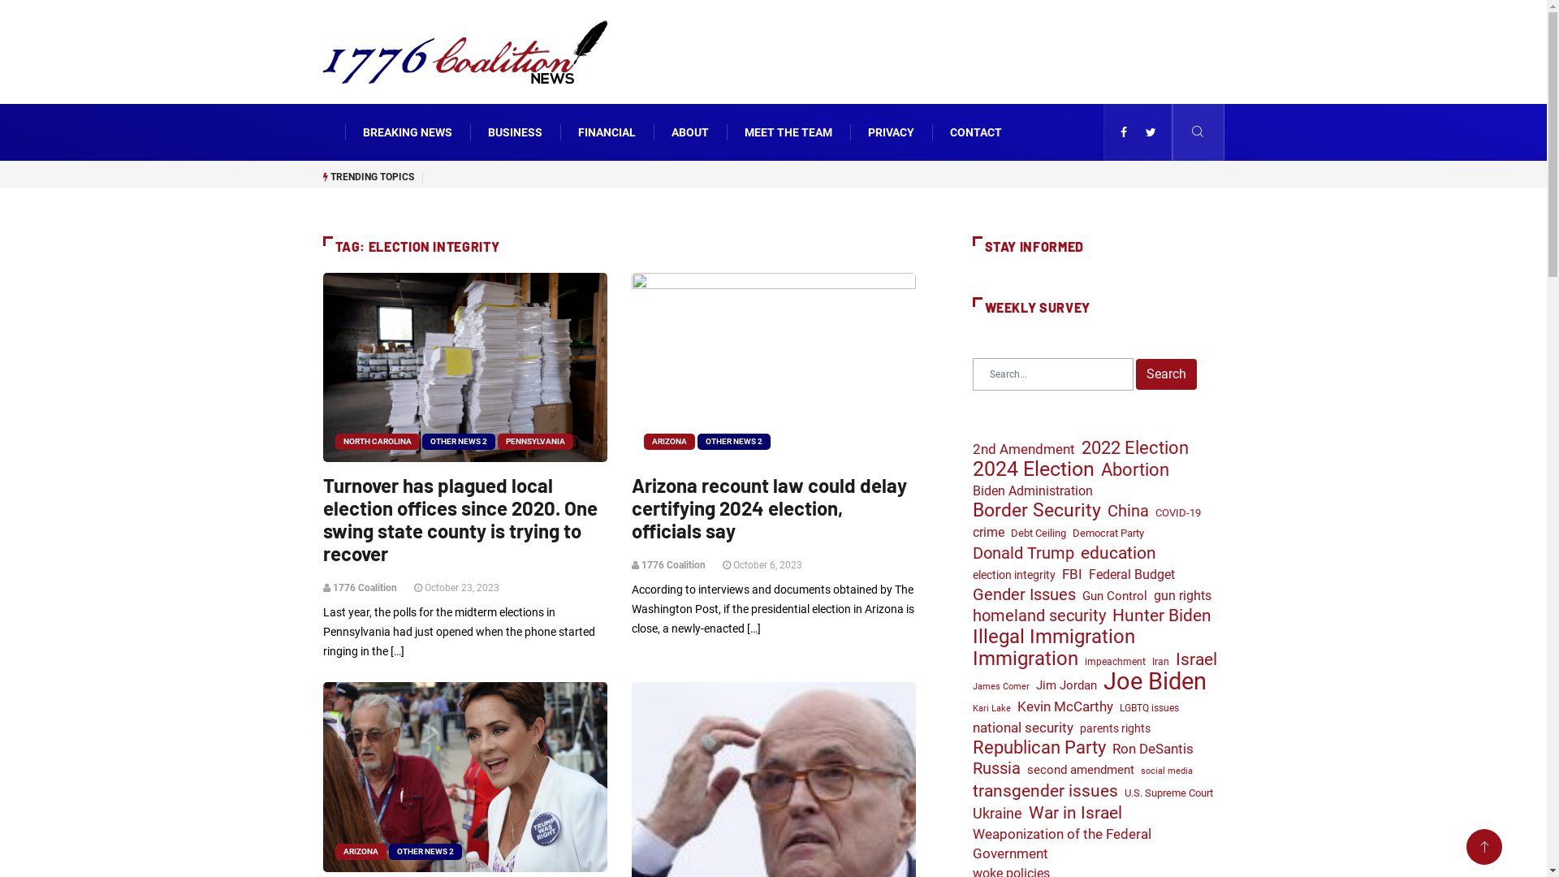 This screenshot has width=1559, height=877. What do you see at coordinates (1196, 659) in the screenshot?
I see `'Israel'` at bounding box center [1196, 659].